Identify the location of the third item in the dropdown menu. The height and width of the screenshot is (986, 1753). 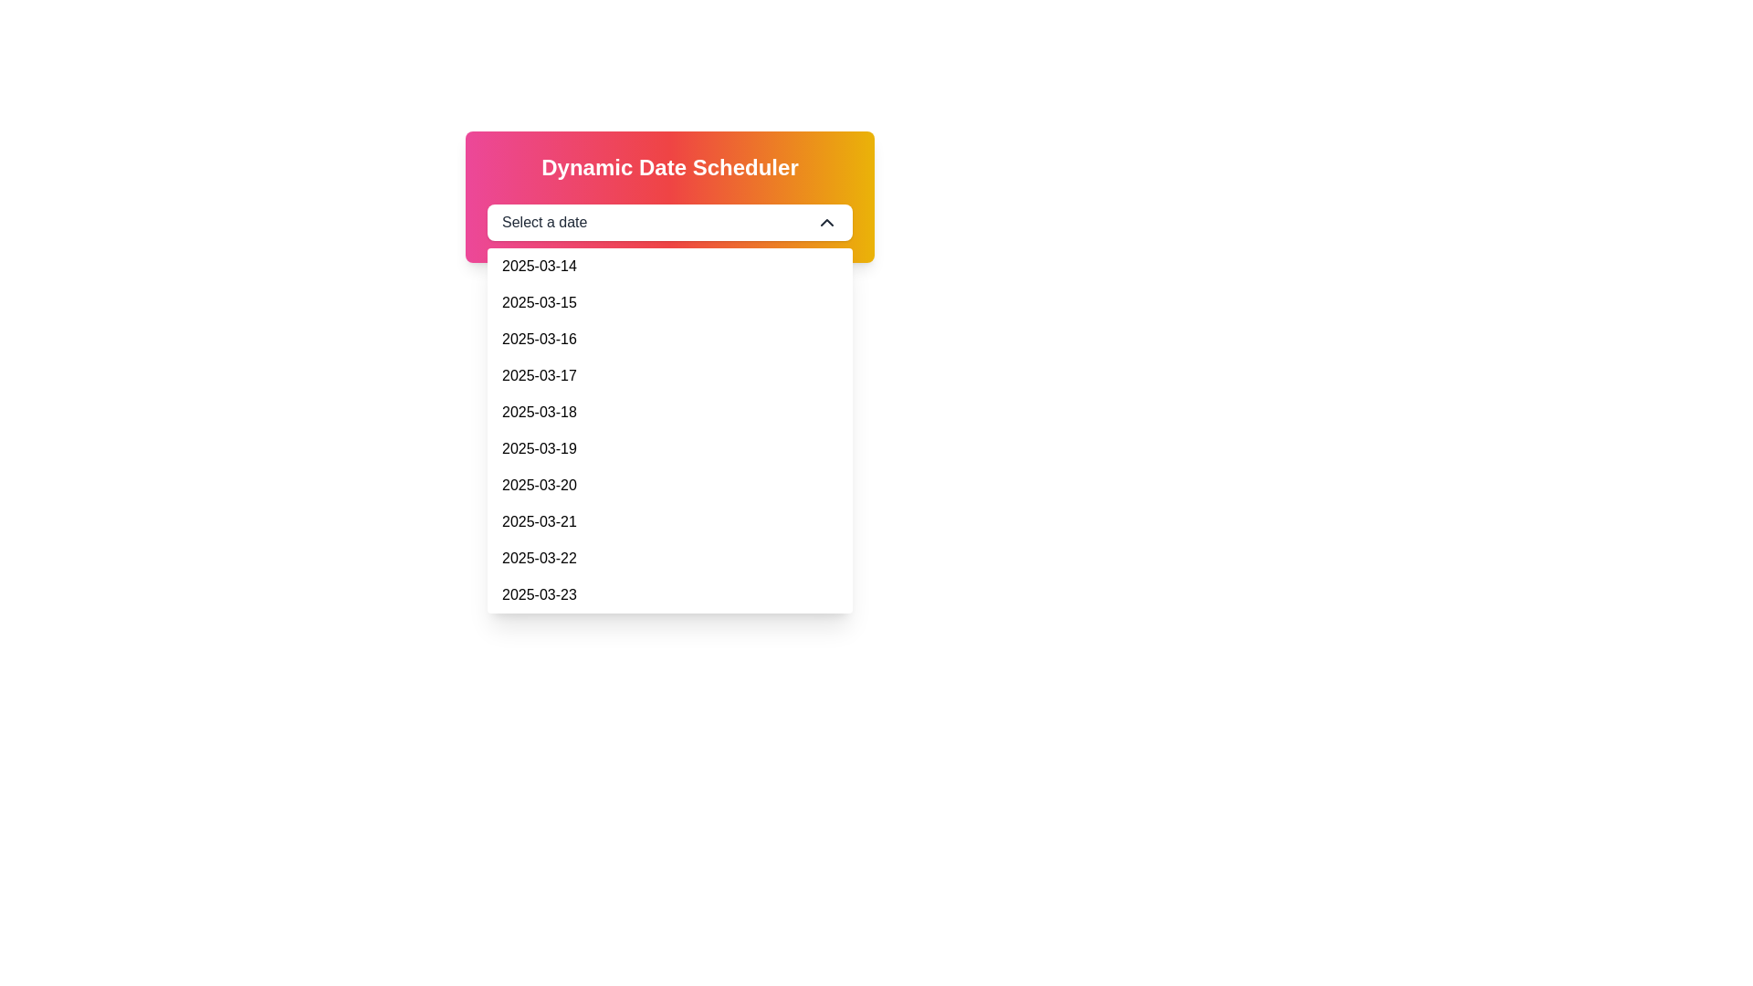
(669, 339).